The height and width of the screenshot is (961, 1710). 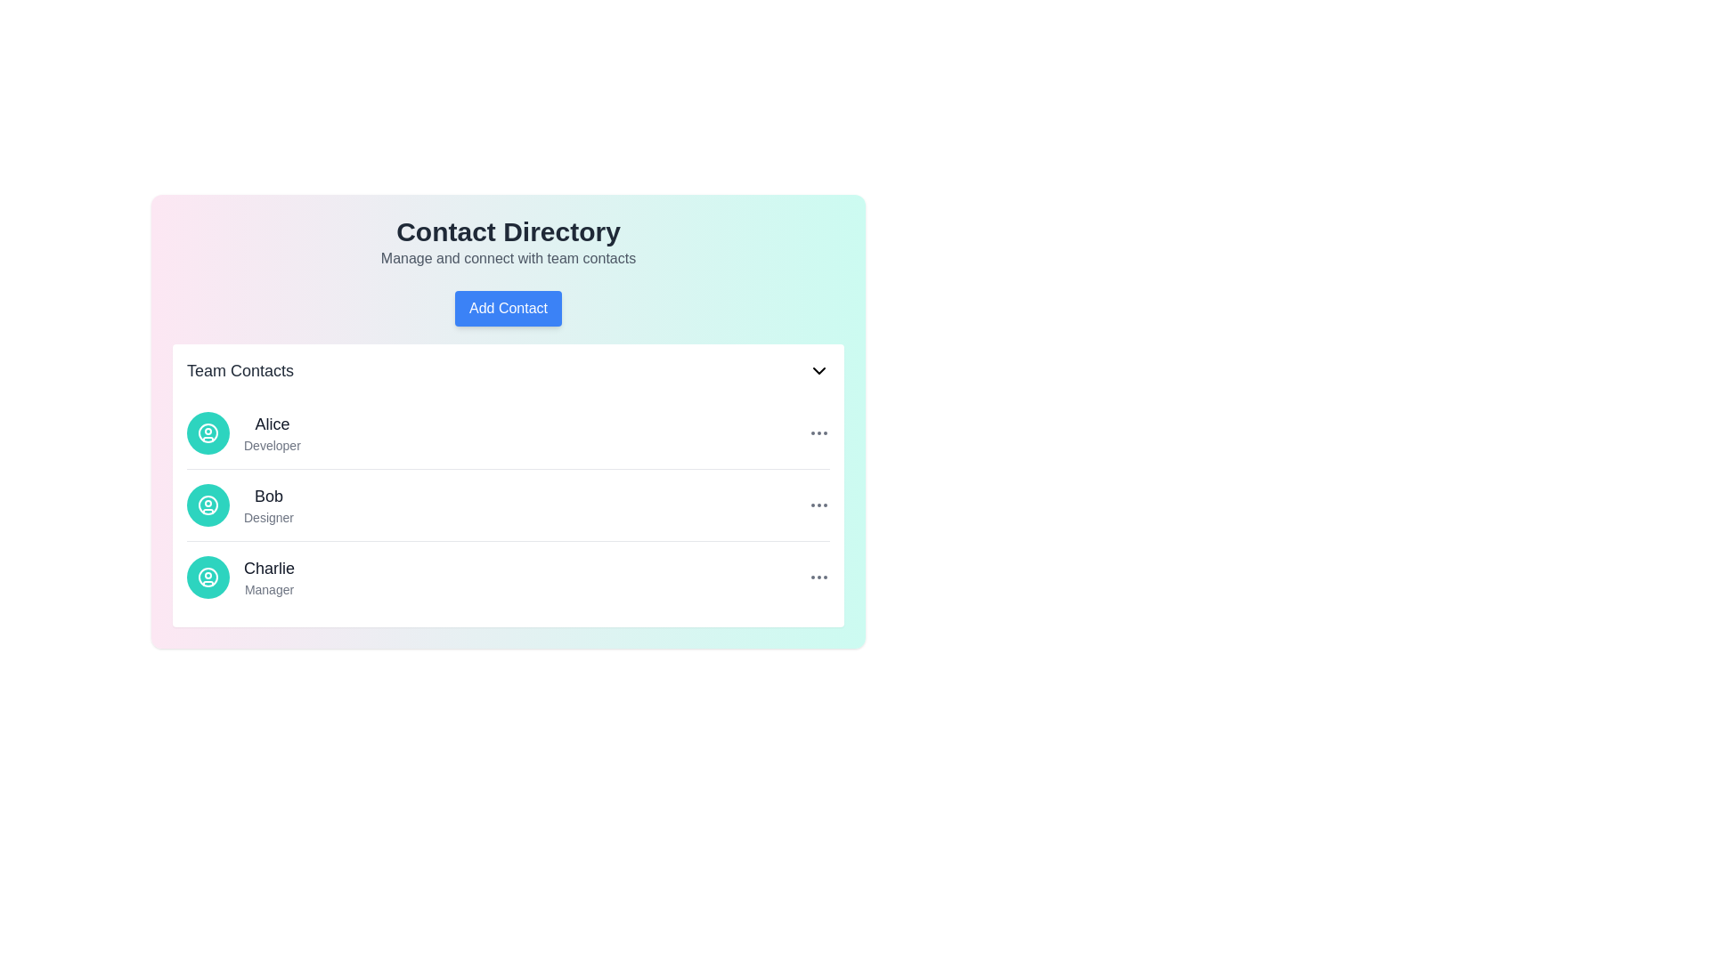 What do you see at coordinates (208, 505) in the screenshot?
I see `the circular user silhouette icon with a teal background, representing the contact entry for 'Bob', which is positioned between the icons for 'Alice' and 'Charlie'` at bounding box center [208, 505].